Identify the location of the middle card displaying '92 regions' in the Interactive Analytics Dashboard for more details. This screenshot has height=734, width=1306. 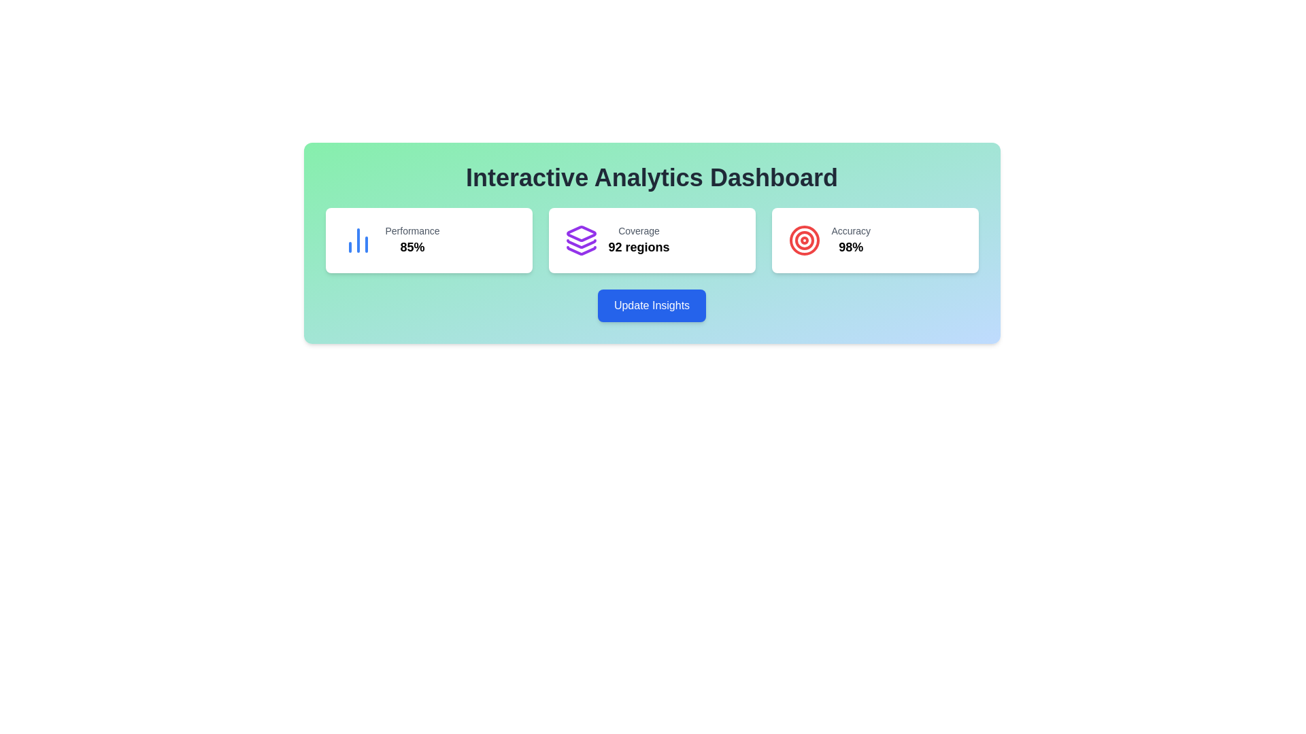
(651, 240).